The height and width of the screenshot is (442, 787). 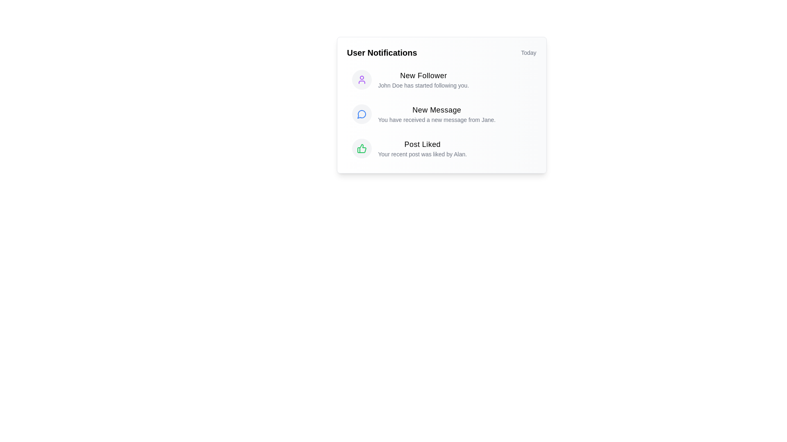 I want to click on the textual notification that informs the user their recent post has been liked by Alan, located in the User Notifications section as the third item in the list, so click(x=422, y=148).